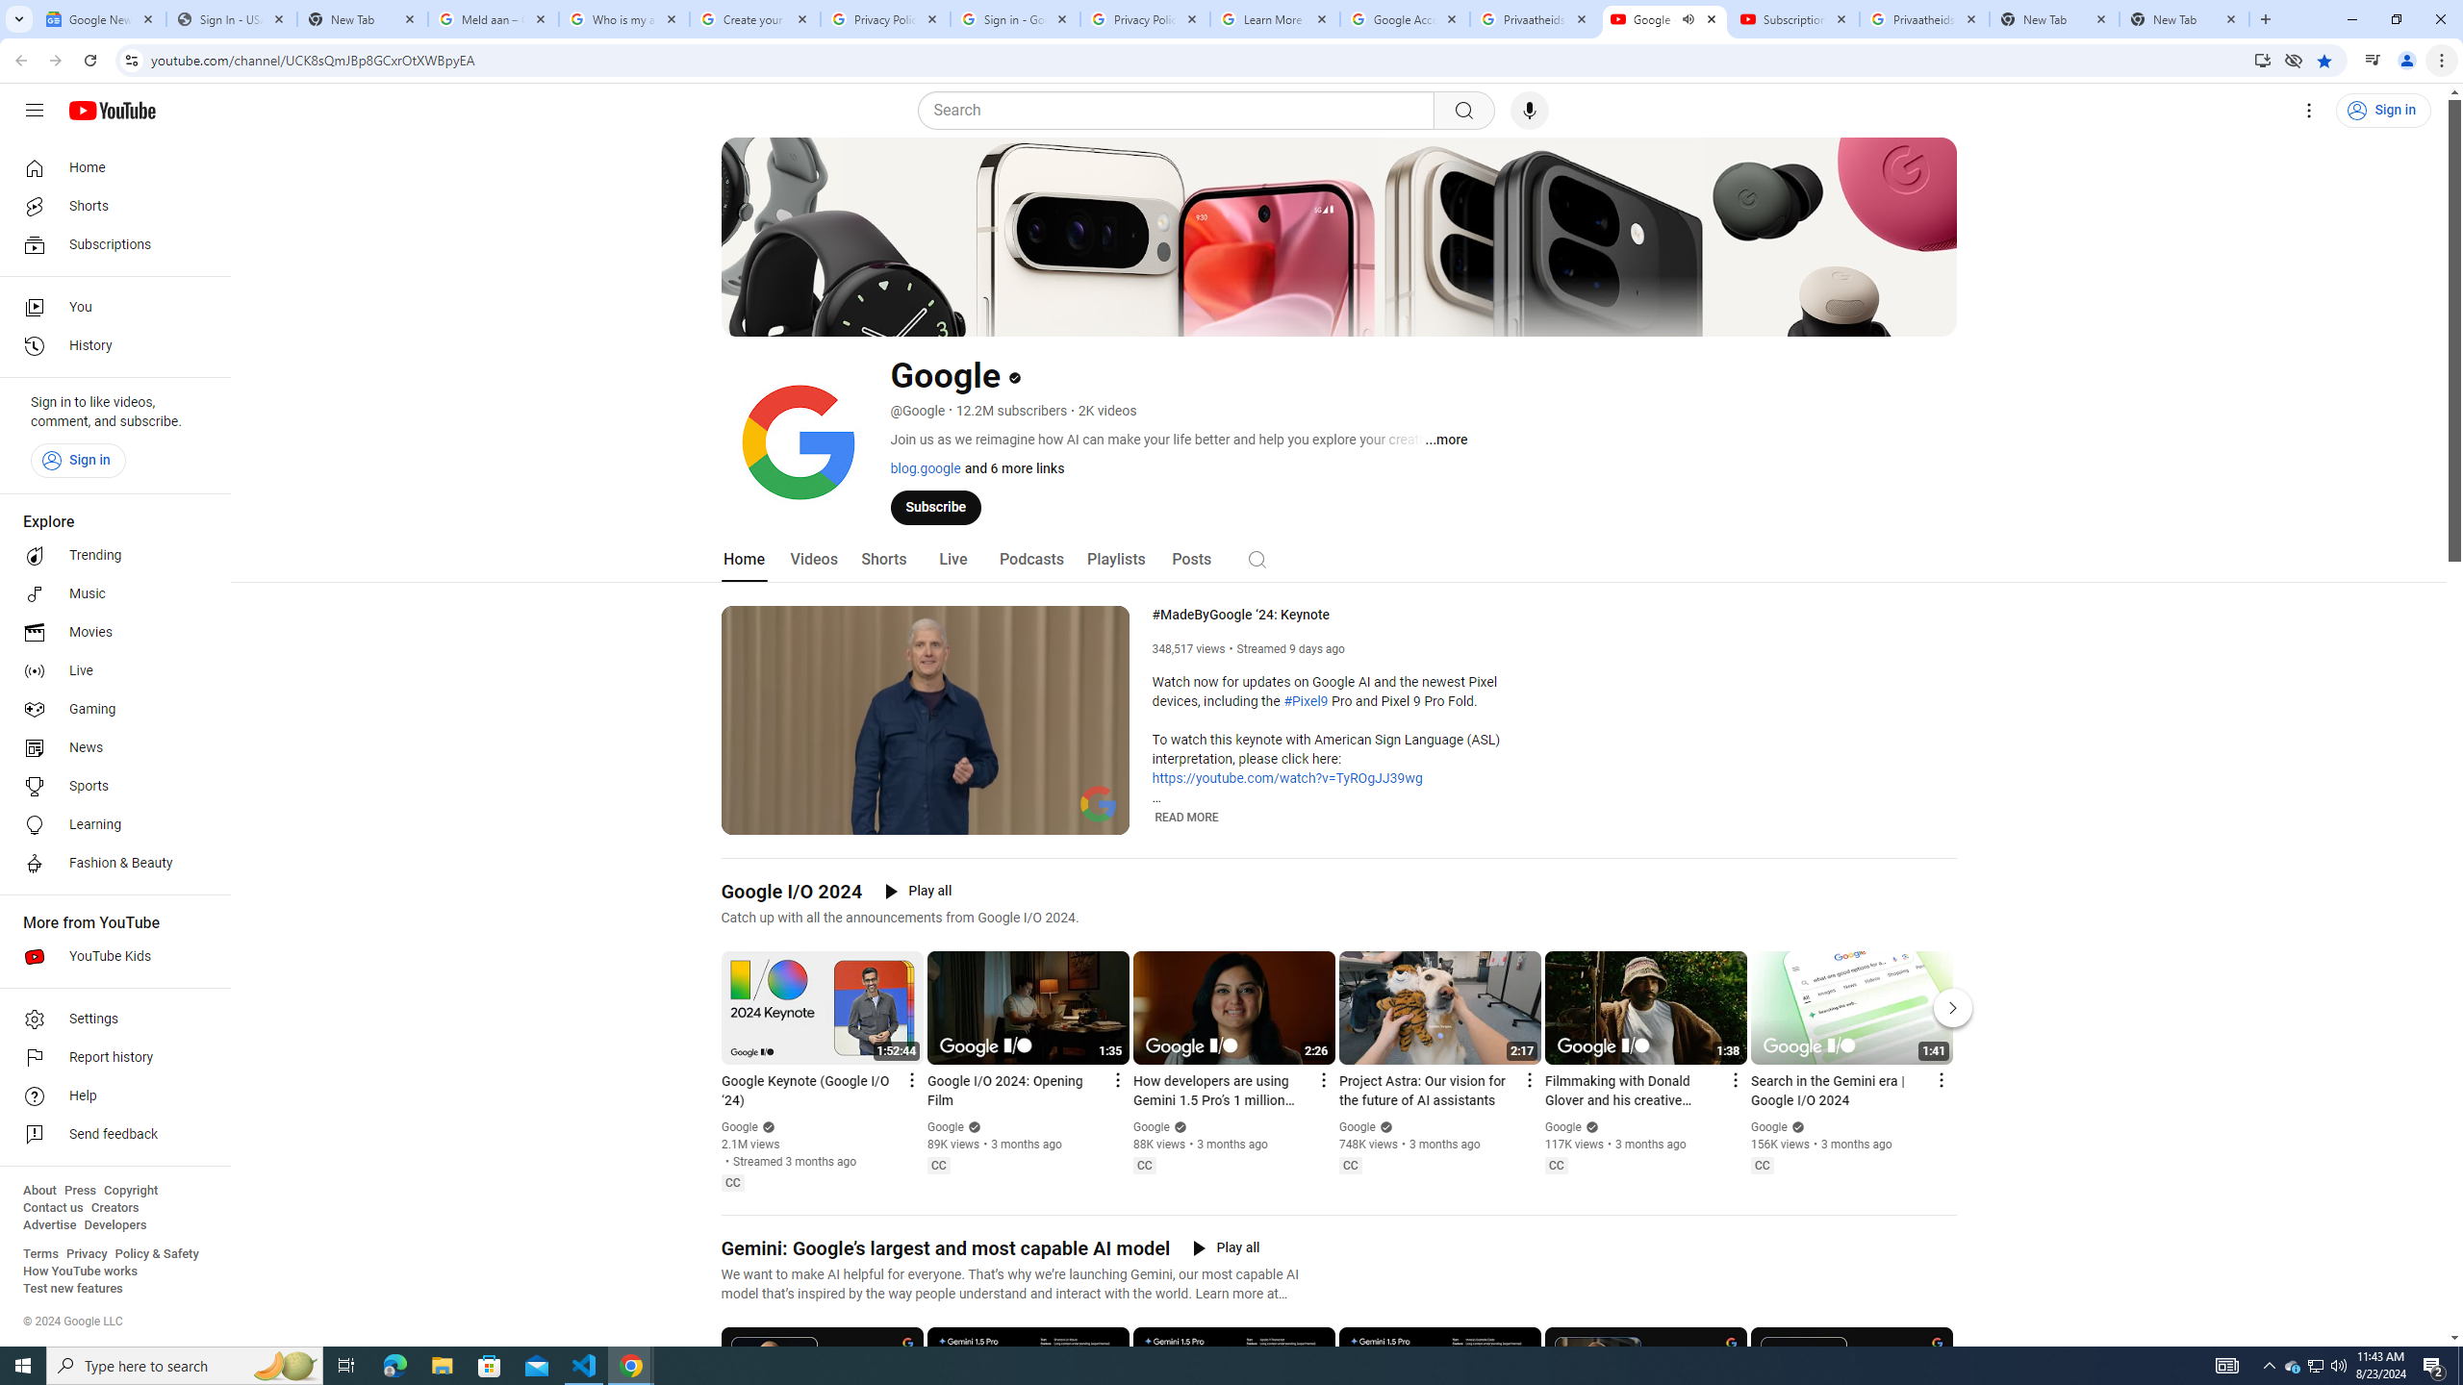 The width and height of the screenshot is (2463, 1385). I want to click on 'Advertise', so click(48, 1223).